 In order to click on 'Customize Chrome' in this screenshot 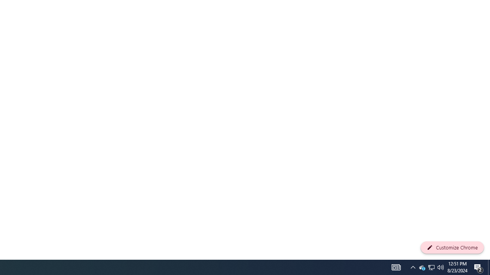, I will do `click(452, 247)`.